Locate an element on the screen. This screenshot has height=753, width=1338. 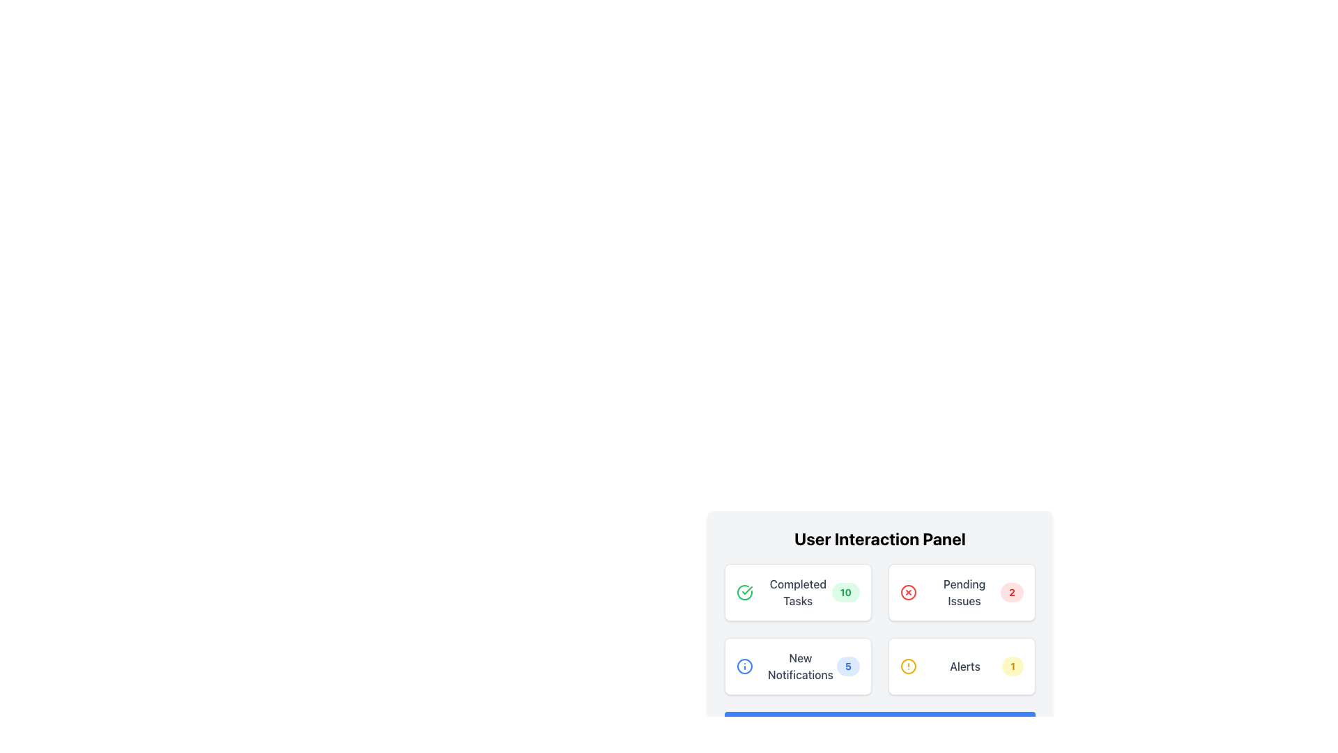
the text label that serves as the title of the card, positioned centrally between an icon on the left and a badge on the right, located in the bottom-right quadrant of the interface is located at coordinates (964, 592).